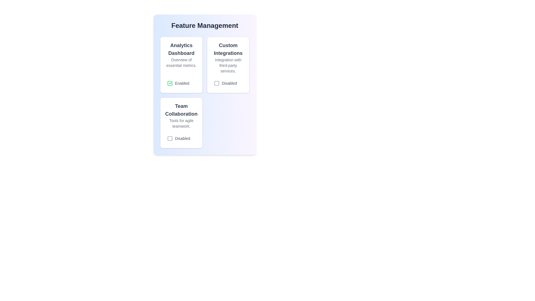  I want to click on the descriptive caption text associated with the 'Analytics Dashboard' section, which is located centrally beneath the header and above the button labeled 'Enabled', so click(181, 62).